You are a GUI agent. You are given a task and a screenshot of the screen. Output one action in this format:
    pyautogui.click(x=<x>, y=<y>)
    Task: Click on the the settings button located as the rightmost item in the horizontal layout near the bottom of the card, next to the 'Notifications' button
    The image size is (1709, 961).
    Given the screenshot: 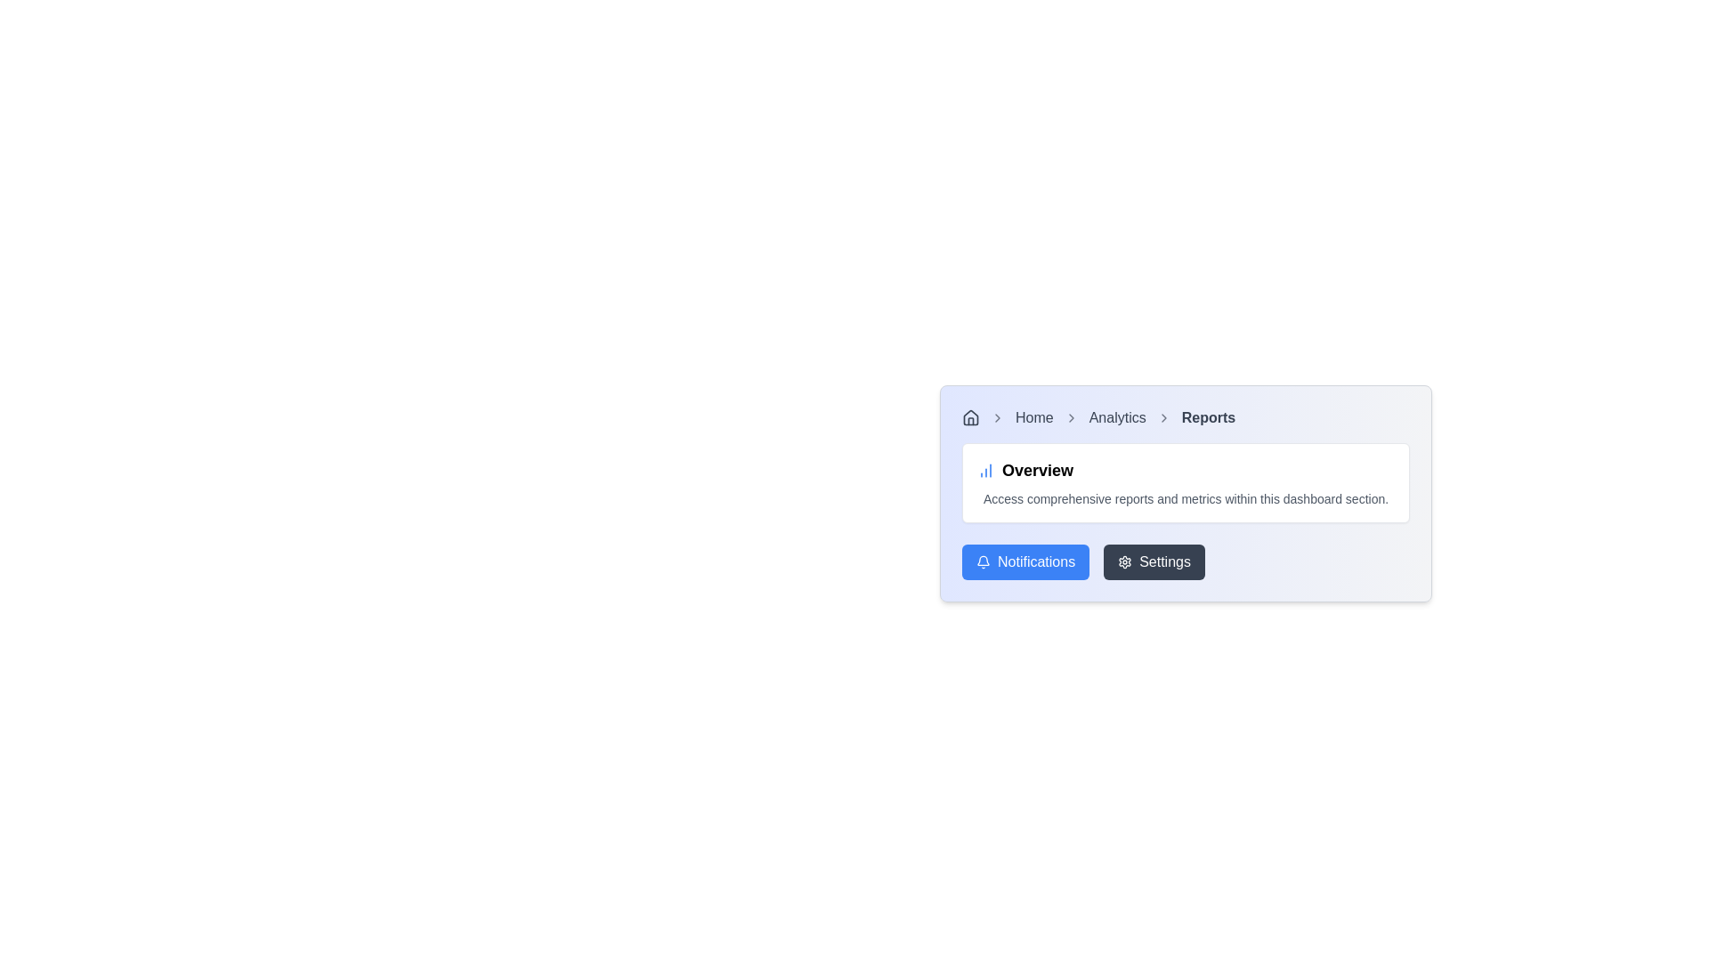 What is the action you would take?
    pyautogui.click(x=1154, y=562)
    